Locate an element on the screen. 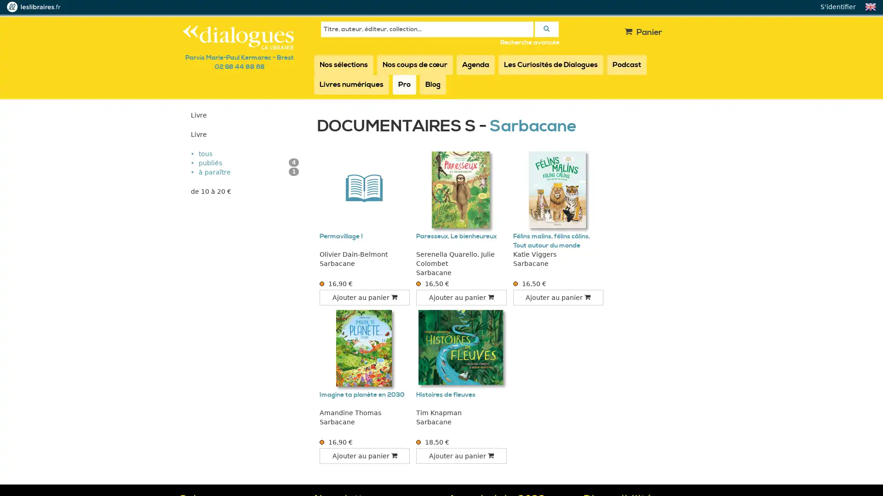  Ajouter au panier is located at coordinates (364, 298).